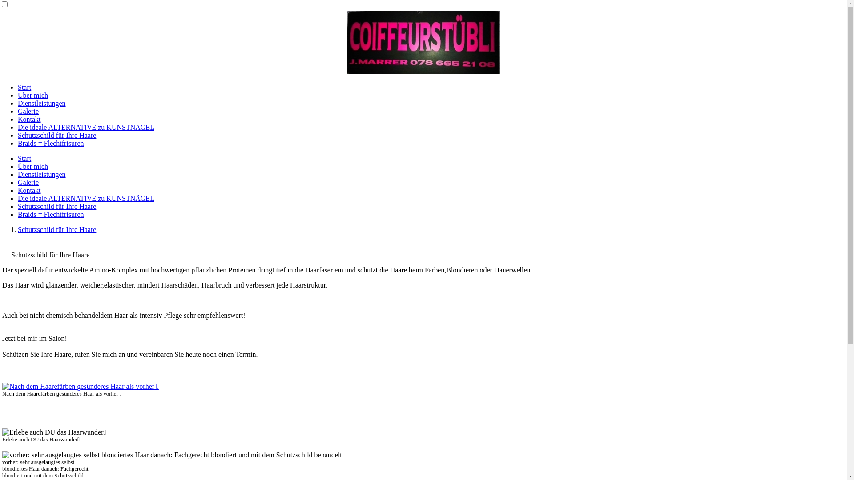 Image resolution: width=854 pixels, height=480 pixels. Describe the element at coordinates (29, 119) in the screenshot. I see `'Kontakt'` at that location.